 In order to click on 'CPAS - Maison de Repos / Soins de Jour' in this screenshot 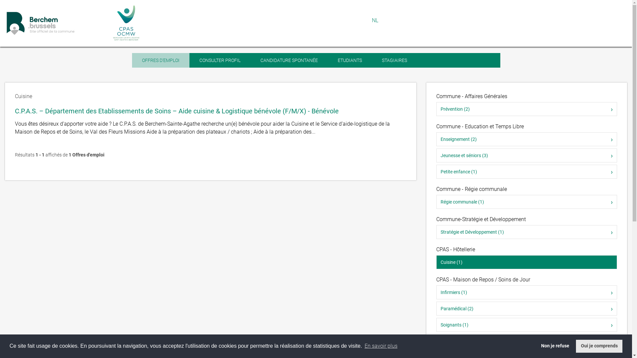, I will do `click(483, 279)`.